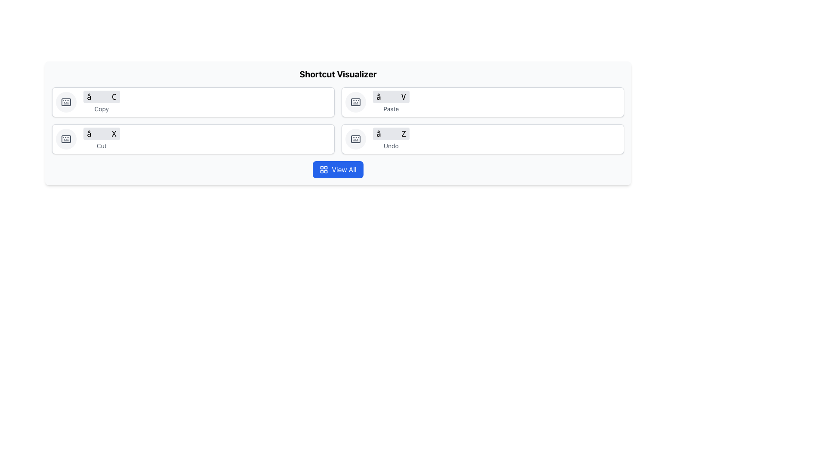 The image size is (826, 464). What do you see at coordinates (65, 139) in the screenshot?
I see `the keyboard-shaped SVG icon located in the left column, second row of the grid` at bounding box center [65, 139].